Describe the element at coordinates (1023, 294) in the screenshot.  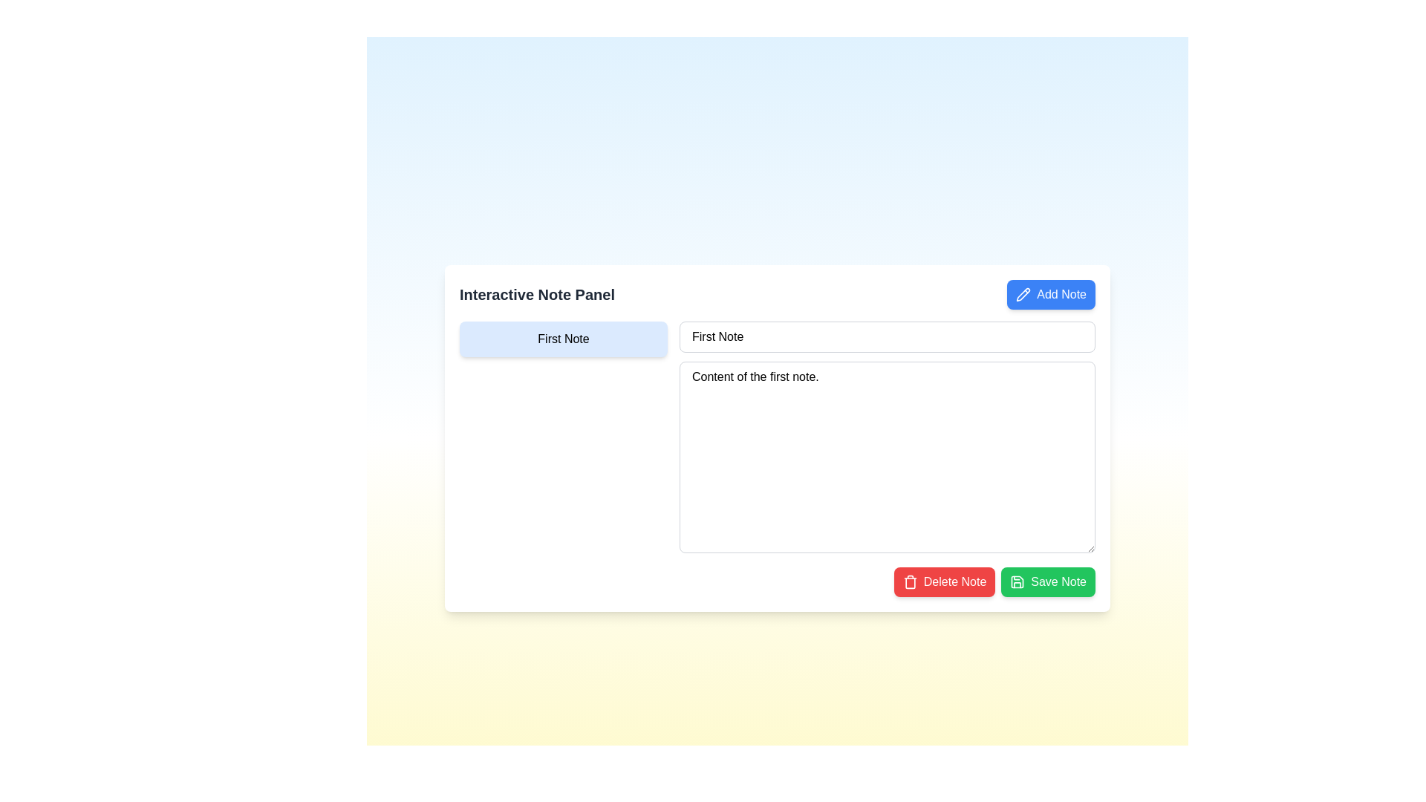
I see `the pencil icon within the 'Add Note' button located at the top-right corner of the note panel` at that location.